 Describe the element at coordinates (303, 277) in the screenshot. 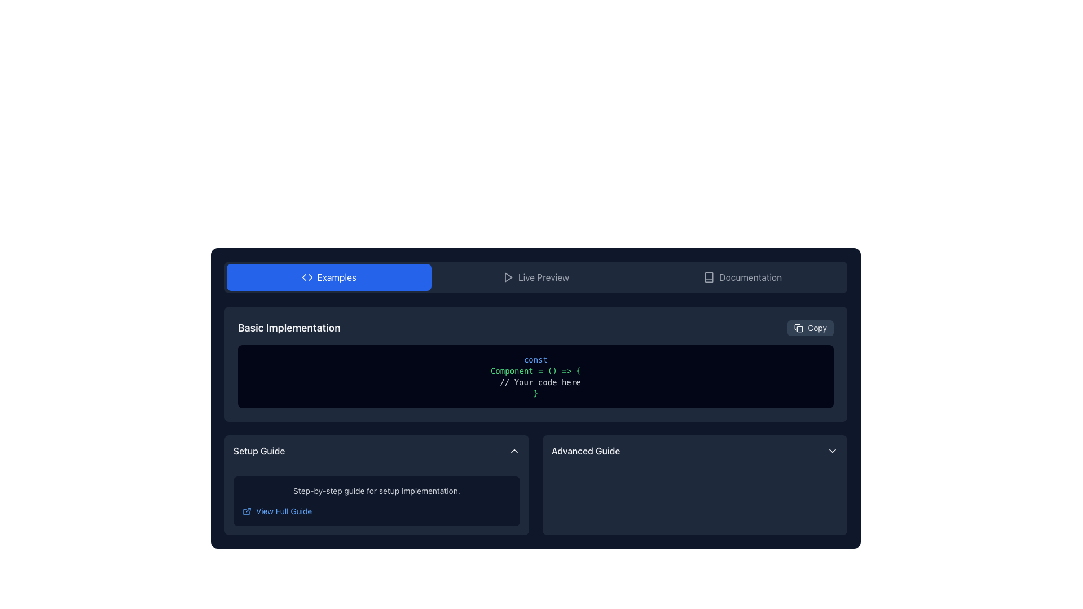

I see `the leftward-pointing arrow icon within the SVG graphic, which serves as a navigation indicator, if it is interactive` at that location.